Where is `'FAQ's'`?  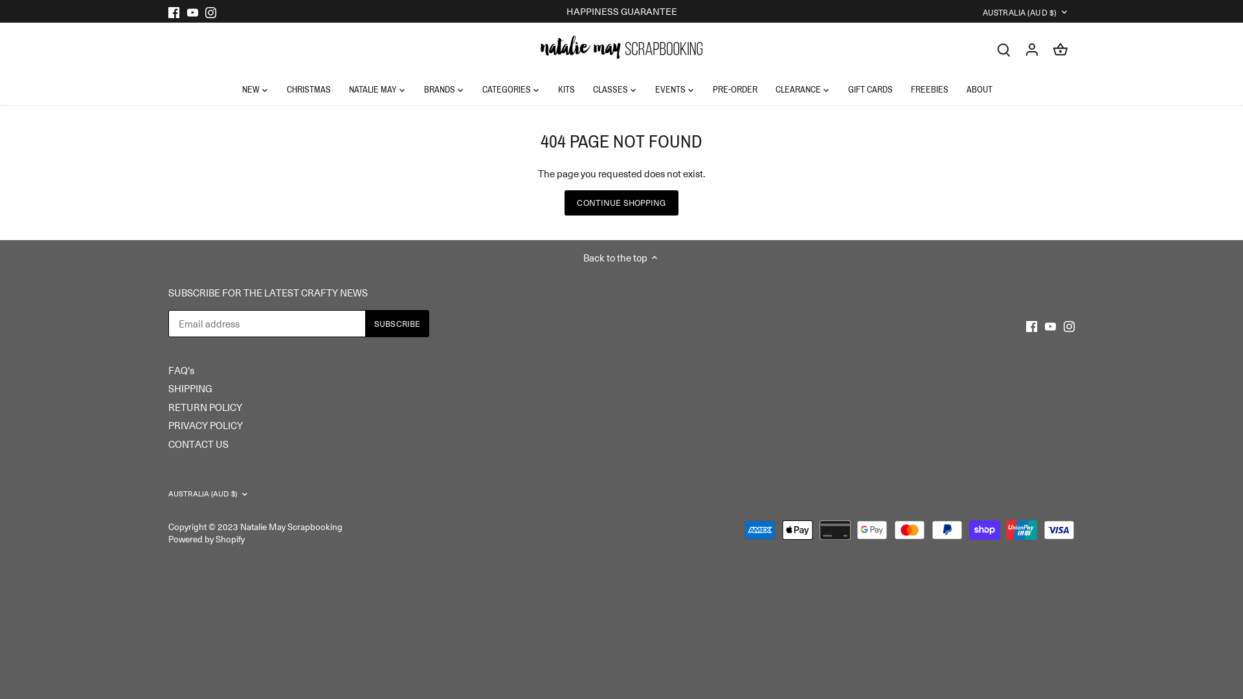 'FAQ's' is located at coordinates (180, 370).